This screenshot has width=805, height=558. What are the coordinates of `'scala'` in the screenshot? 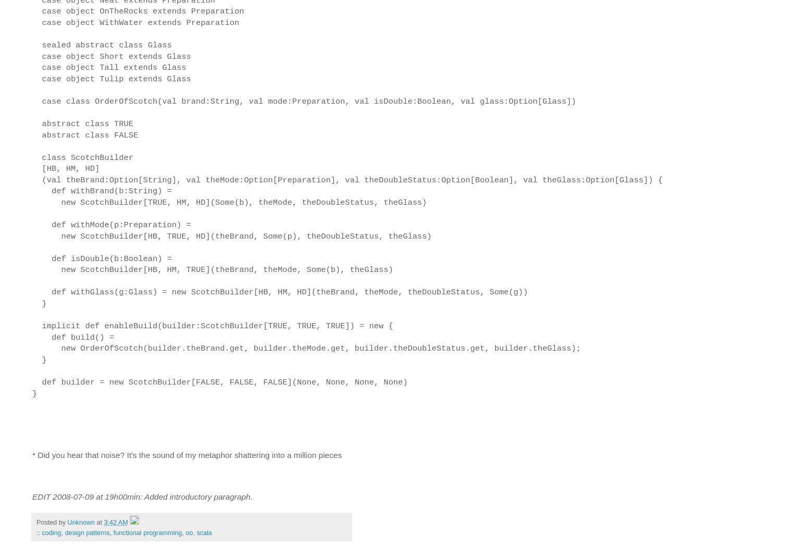 It's located at (203, 533).